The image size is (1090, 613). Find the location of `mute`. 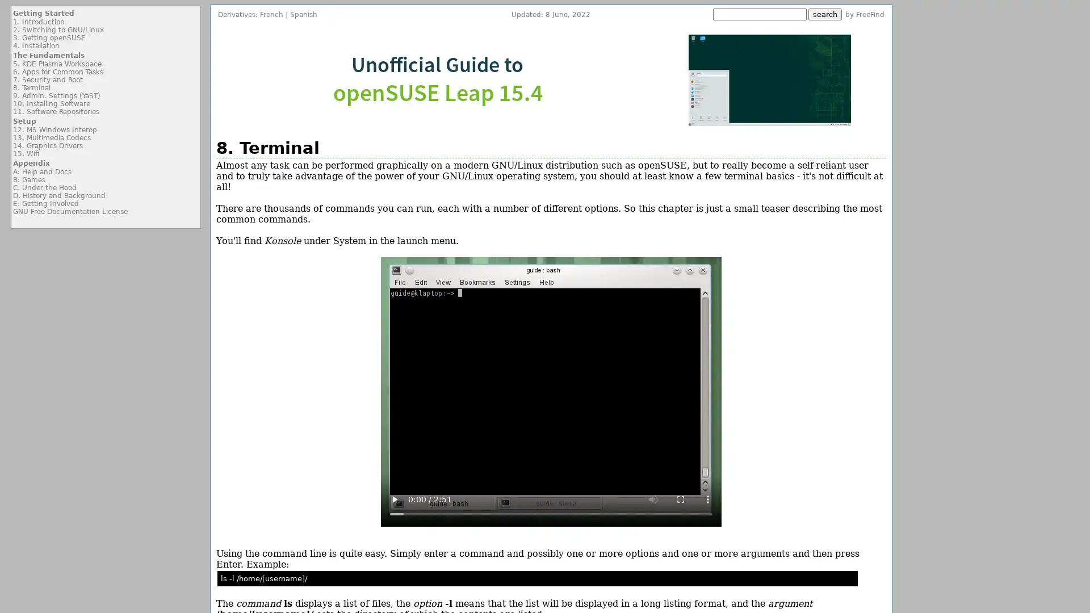

mute is located at coordinates (653, 498).